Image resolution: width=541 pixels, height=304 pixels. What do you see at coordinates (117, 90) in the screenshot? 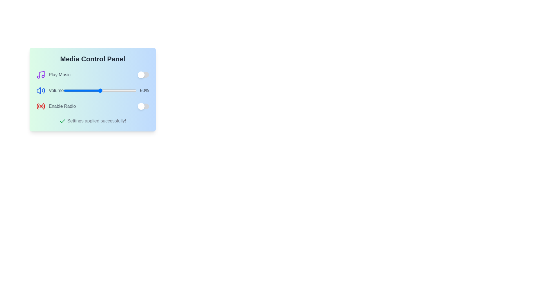
I see `the volume slider` at bounding box center [117, 90].